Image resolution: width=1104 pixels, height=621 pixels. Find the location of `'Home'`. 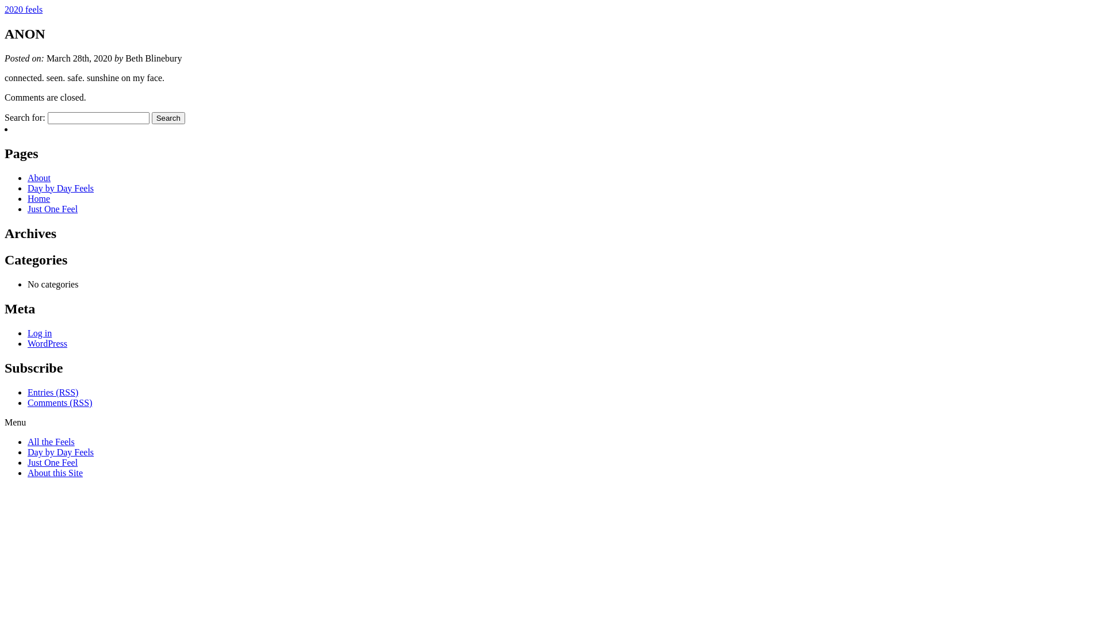

'Home' is located at coordinates (39, 198).